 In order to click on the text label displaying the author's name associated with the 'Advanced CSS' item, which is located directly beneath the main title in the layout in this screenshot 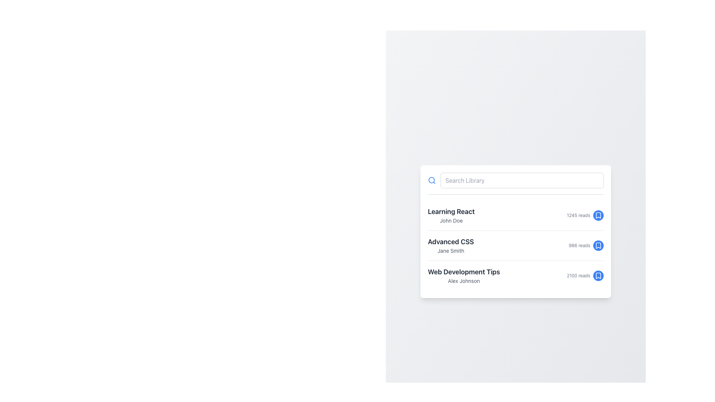, I will do `click(450, 251)`.